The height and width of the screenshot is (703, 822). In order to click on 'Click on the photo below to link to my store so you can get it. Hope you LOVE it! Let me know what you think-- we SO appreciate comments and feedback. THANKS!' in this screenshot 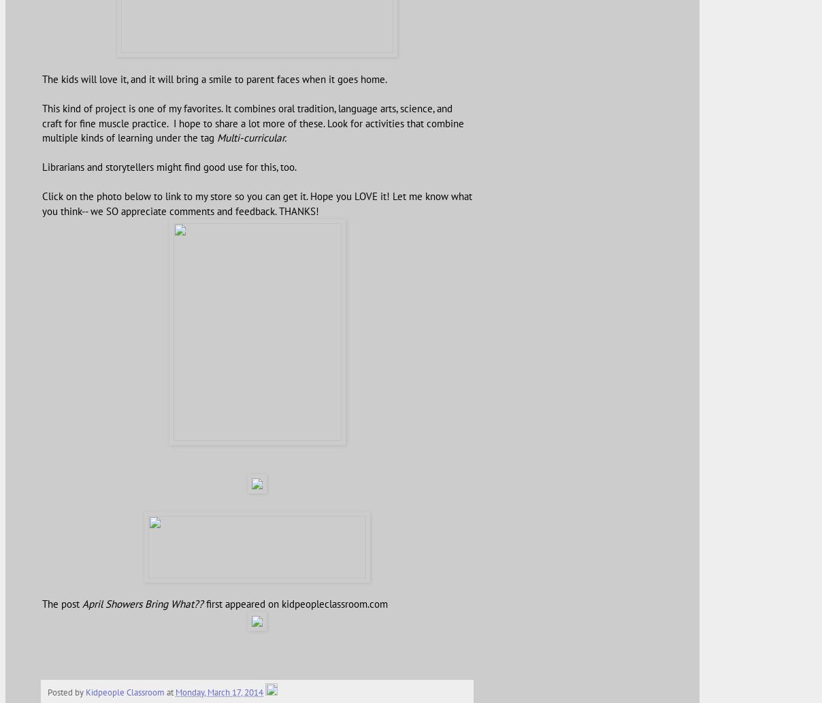, I will do `click(256, 202)`.